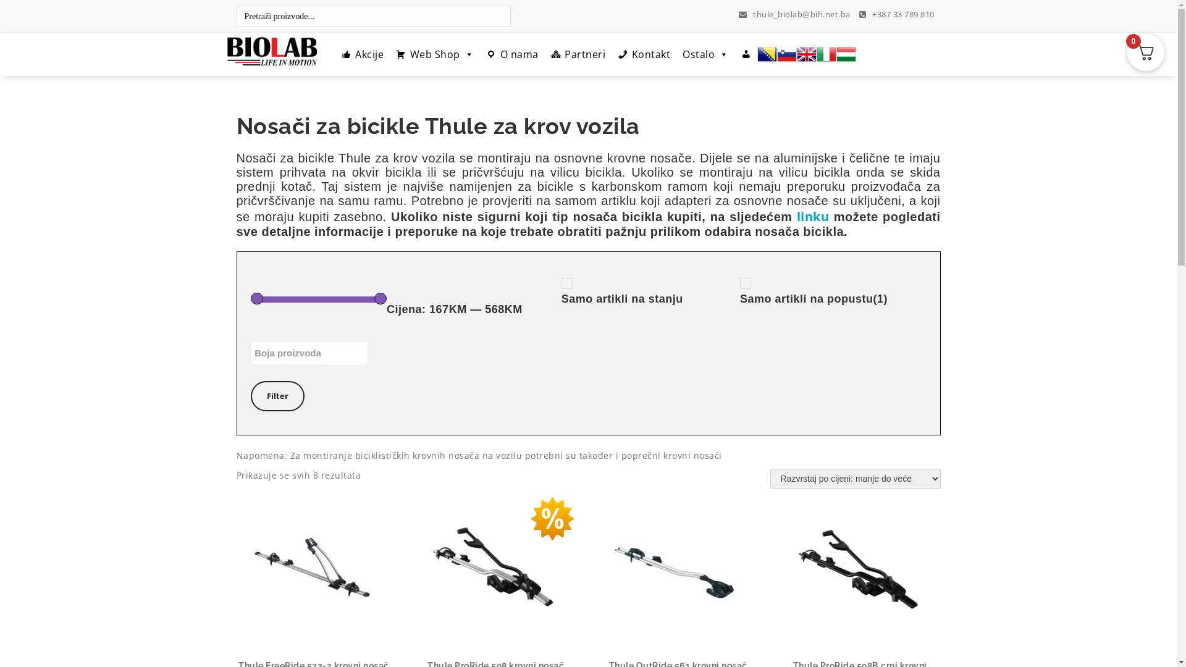 The width and height of the screenshot is (1186, 667). Describe the element at coordinates (512, 54) in the screenshot. I see `'O nama'` at that location.